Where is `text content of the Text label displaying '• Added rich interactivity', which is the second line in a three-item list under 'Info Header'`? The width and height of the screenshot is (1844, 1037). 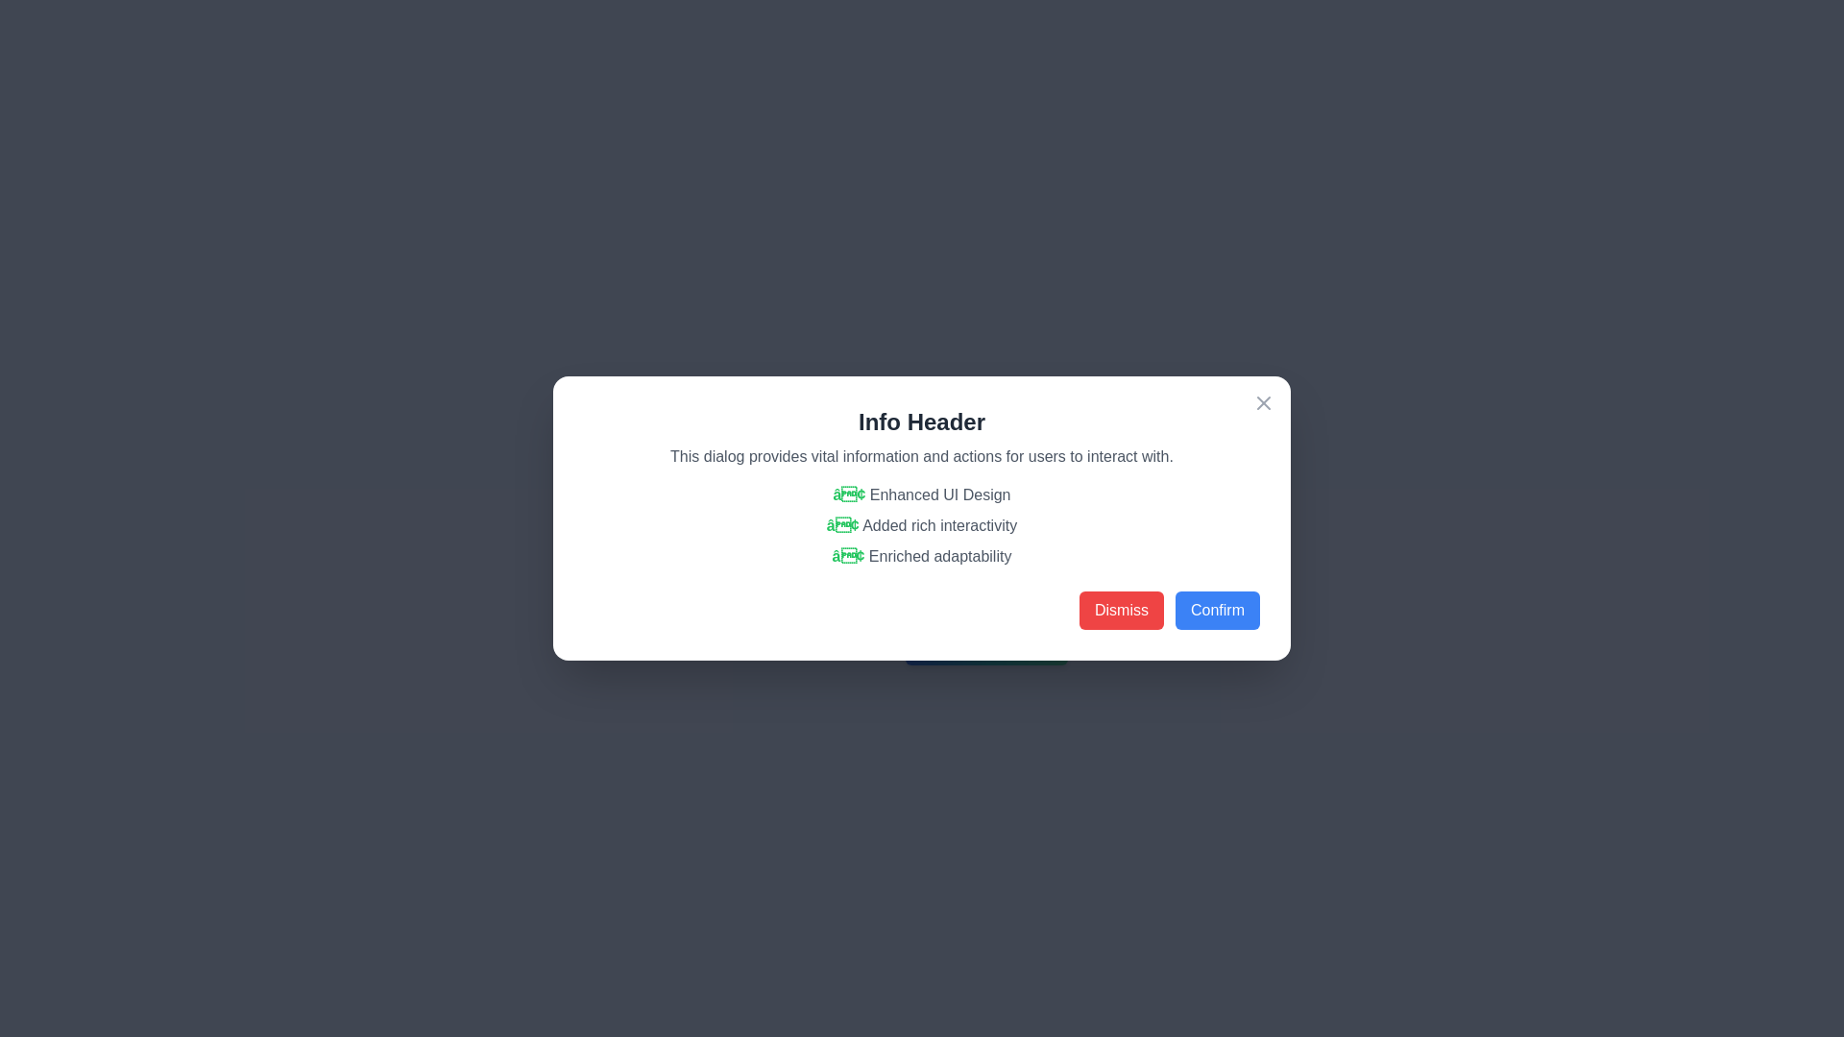 text content of the Text label displaying '• Added rich interactivity', which is the second line in a three-item list under 'Info Header' is located at coordinates (922, 525).